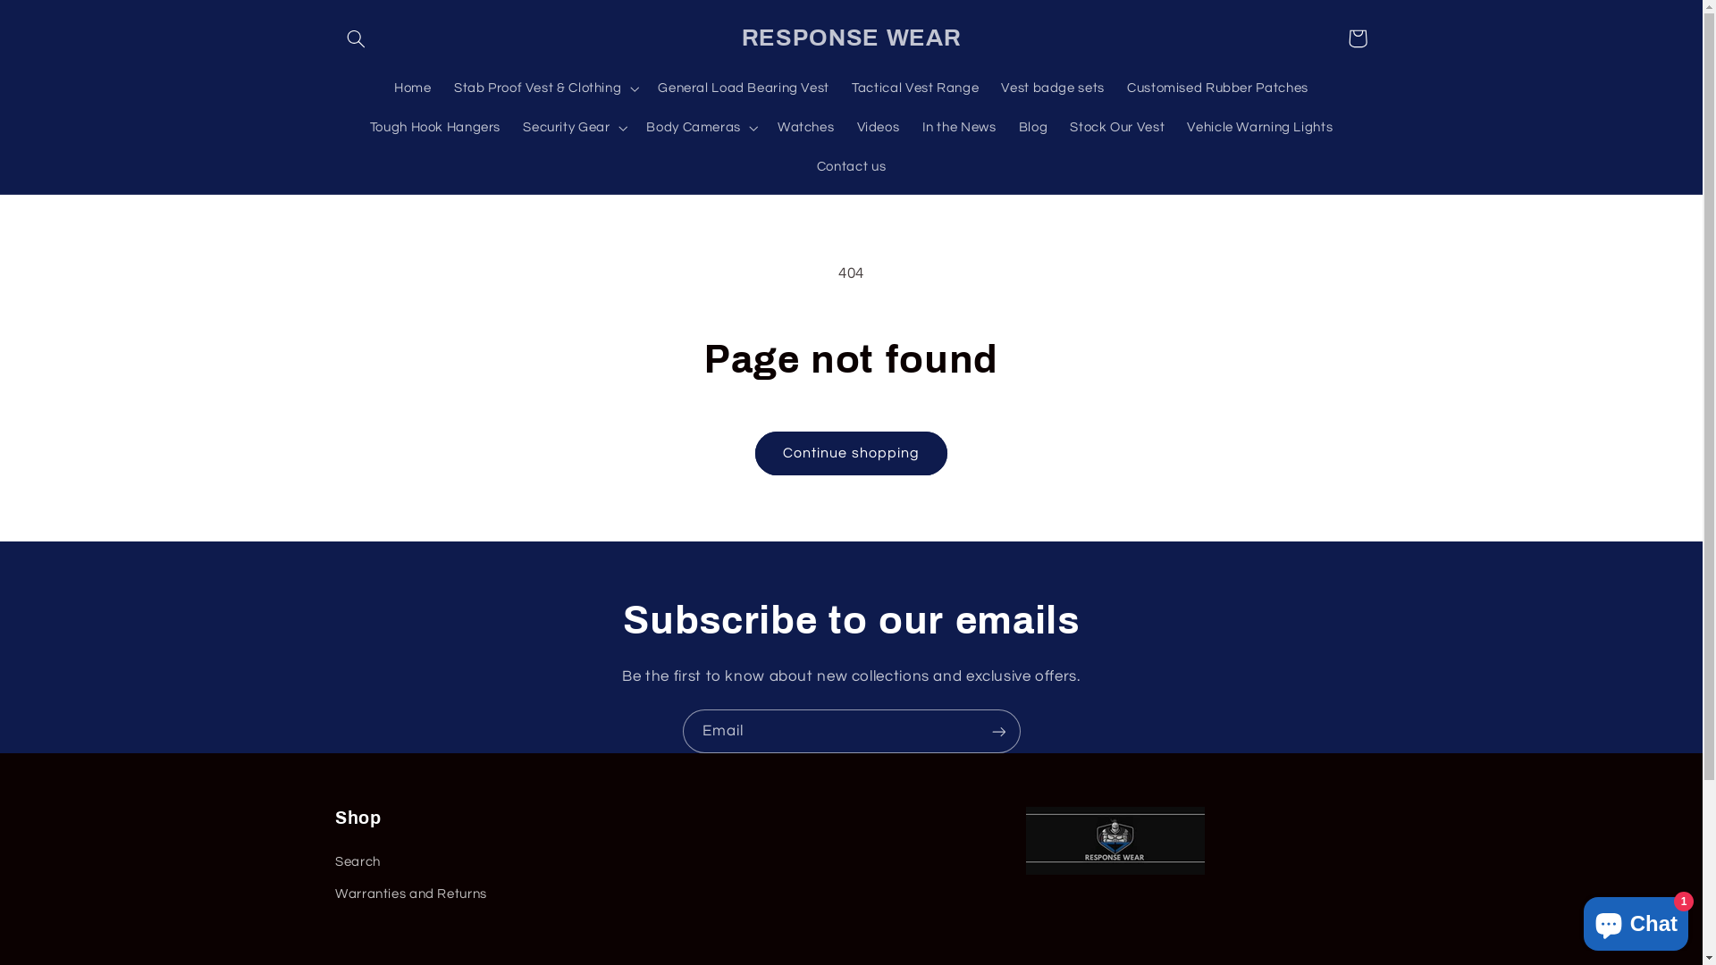 Image resolution: width=1716 pixels, height=965 pixels. What do you see at coordinates (434, 126) in the screenshot?
I see `'Tough Hook Hangers'` at bounding box center [434, 126].